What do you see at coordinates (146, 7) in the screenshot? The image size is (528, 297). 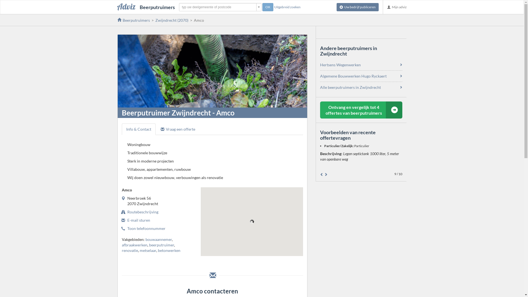 I see `'Beerputruimers'` at bounding box center [146, 7].